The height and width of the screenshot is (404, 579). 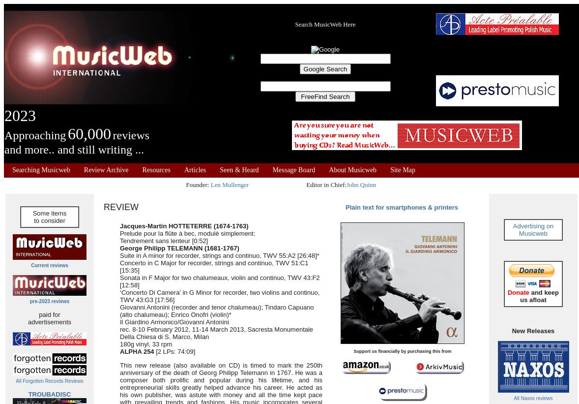 What do you see at coordinates (136, 351) in the screenshot?
I see `'ALPHA 254'` at bounding box center [136, 351].